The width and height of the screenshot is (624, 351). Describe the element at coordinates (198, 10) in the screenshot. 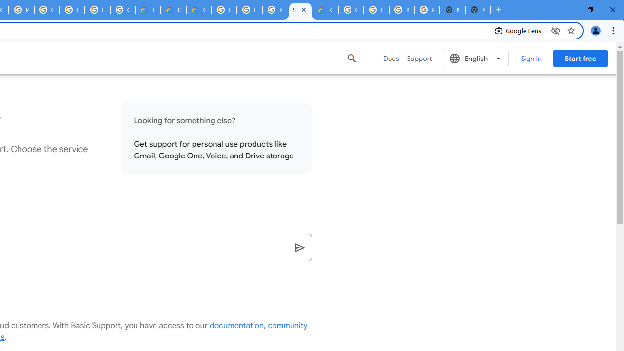

I see `'Gemini for Business and Developers | Google Cloud'` at that location.